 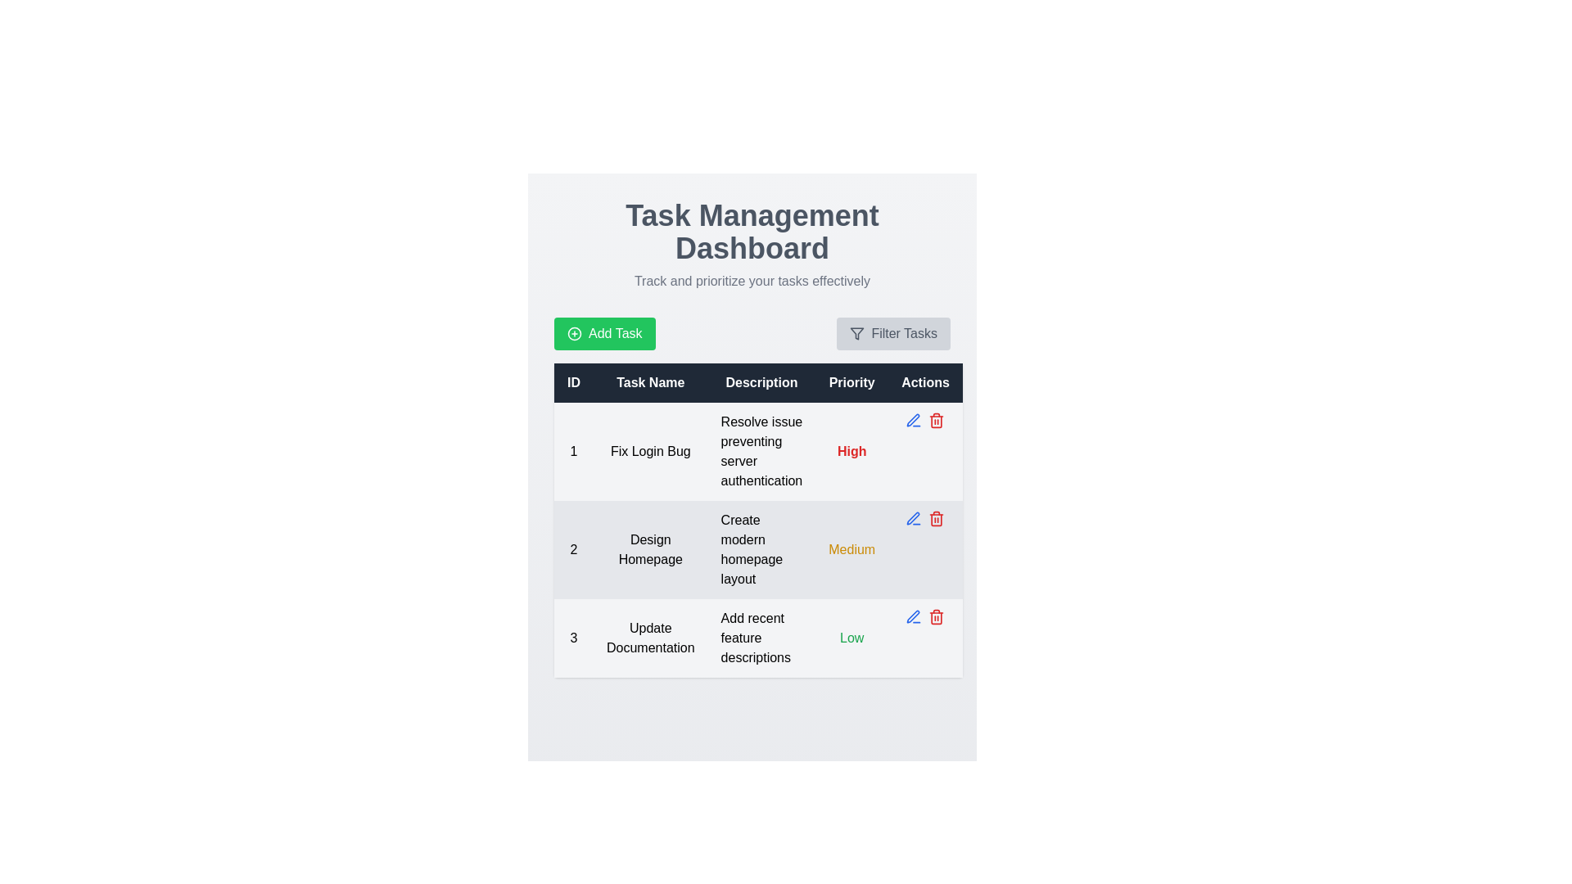 What do you see at coordinates (761, 549) in the screenshot?
I see `the text label that describes the task 'Design Homepage', which is located in the third column of the second row of the 'Task Management Dashboard', positioned between the 'Design Homepage' label and the 'Medium' priority indicator` at bounding box center [761, 549].